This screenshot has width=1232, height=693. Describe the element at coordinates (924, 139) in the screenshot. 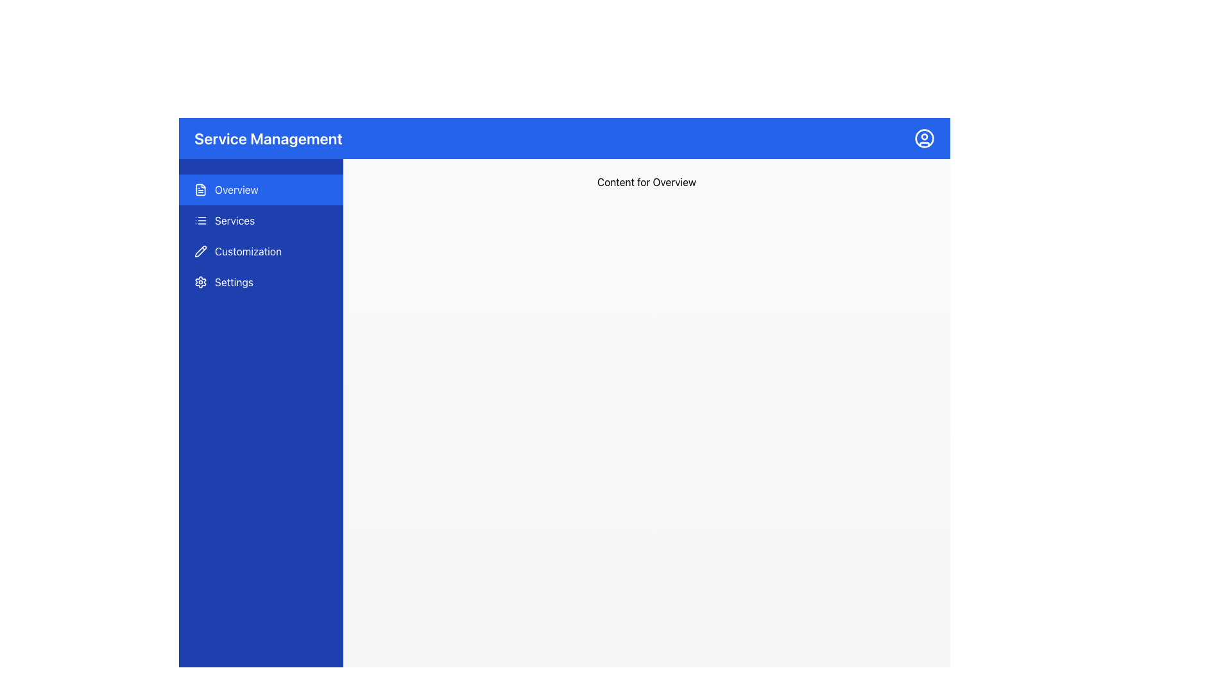

I see `the circular user profile icon with a blue background located in the top-right corner of the blue header bar` at that location.